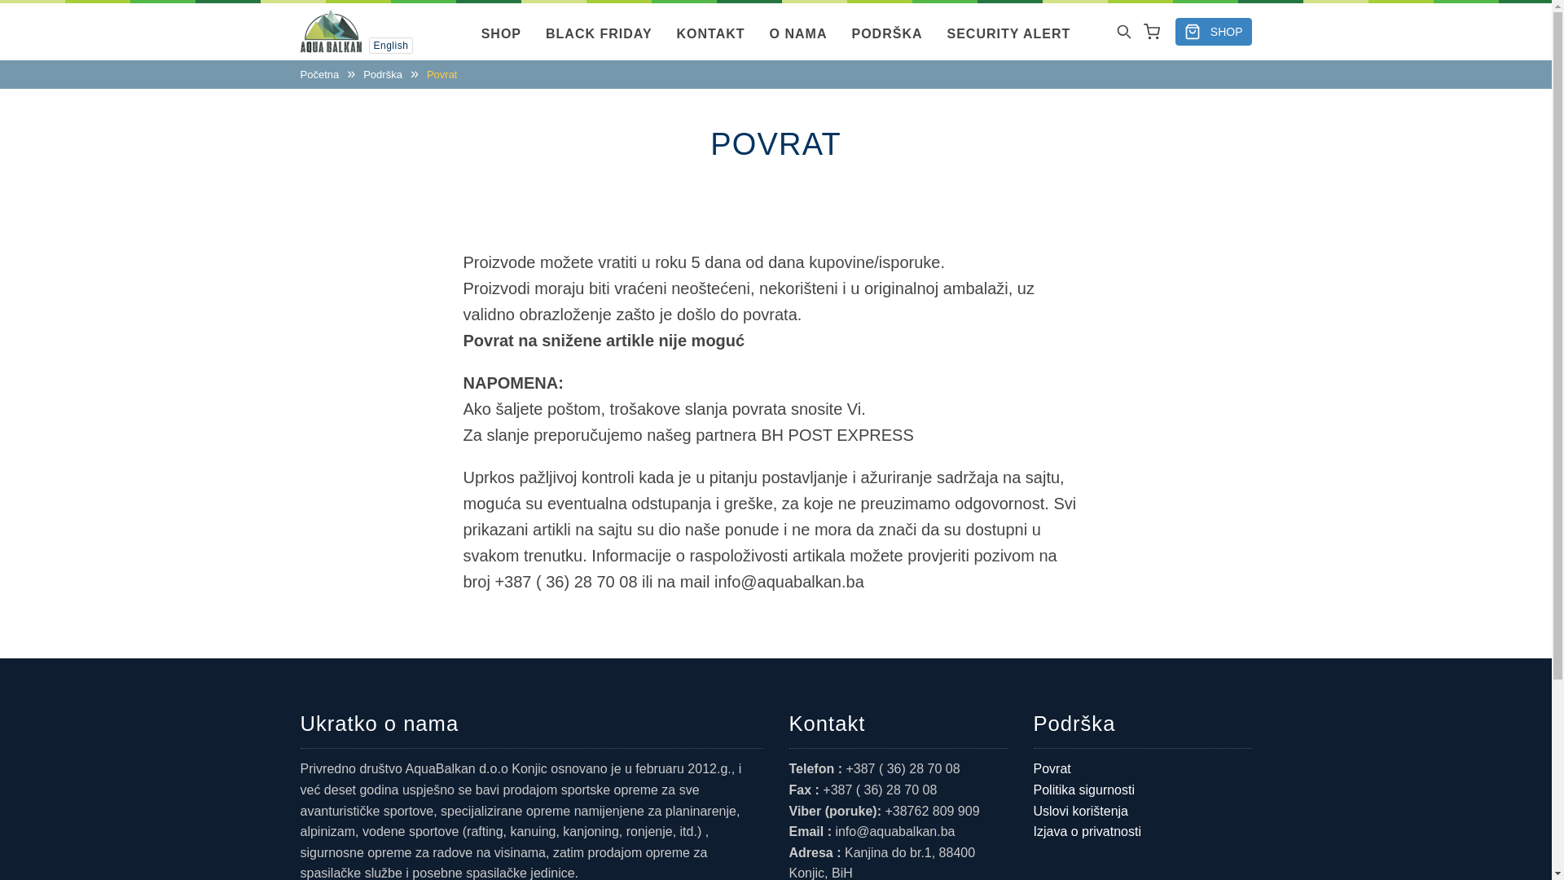 This screenshot has width=1564, height=880. What do you see at coordinates (1213, 31) in the screenshot?
I see `'SHOP'` at bounding box center [1213, 31].